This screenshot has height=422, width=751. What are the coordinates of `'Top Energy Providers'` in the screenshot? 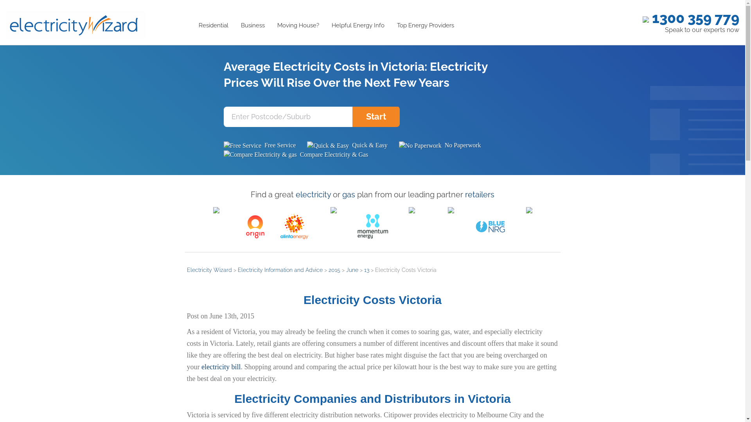 It's located at (425, 25).